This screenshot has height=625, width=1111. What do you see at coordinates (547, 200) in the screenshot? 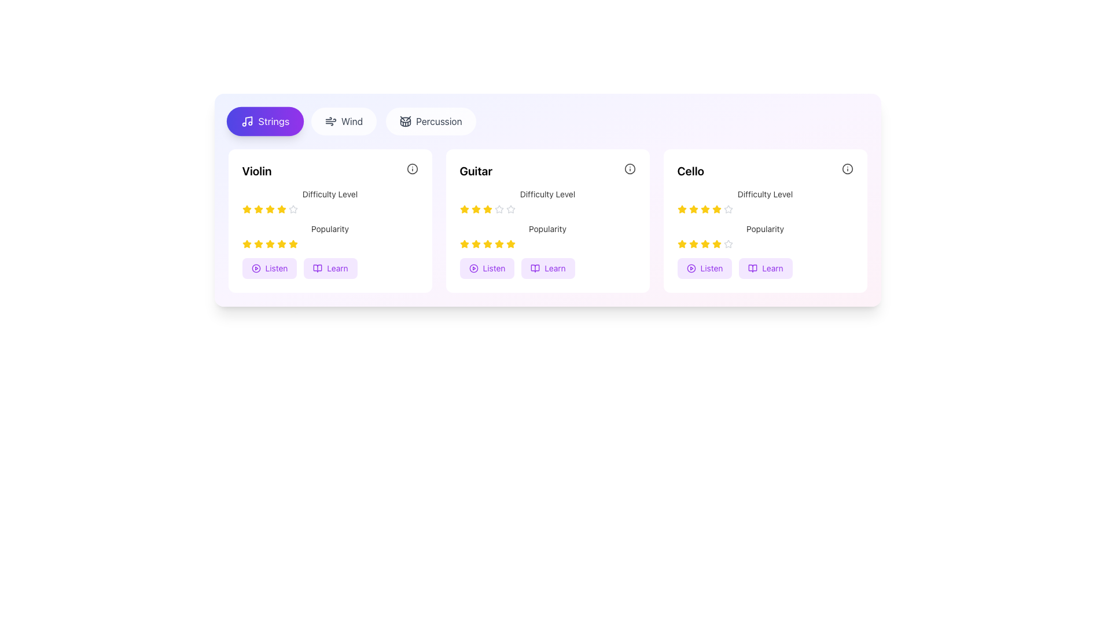
I see `label 'Difficulty Level' associated with the Rating Indicator, which is located in the Guitar section, below the title 'Guitar' and above the 'Popularity' element` at bounding box center [547, 200].